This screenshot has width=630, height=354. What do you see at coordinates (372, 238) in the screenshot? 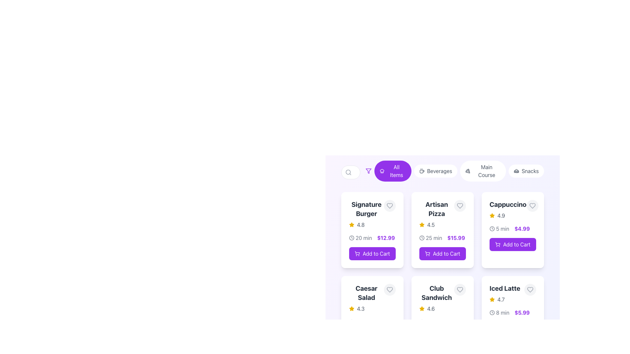
I see `the informational label displaying the time indicator and price in bold, purple font, located within the 'Signature Burger' card, beneath the rating and above the 'Add to Cart' button` at bounding box center [372, 238].